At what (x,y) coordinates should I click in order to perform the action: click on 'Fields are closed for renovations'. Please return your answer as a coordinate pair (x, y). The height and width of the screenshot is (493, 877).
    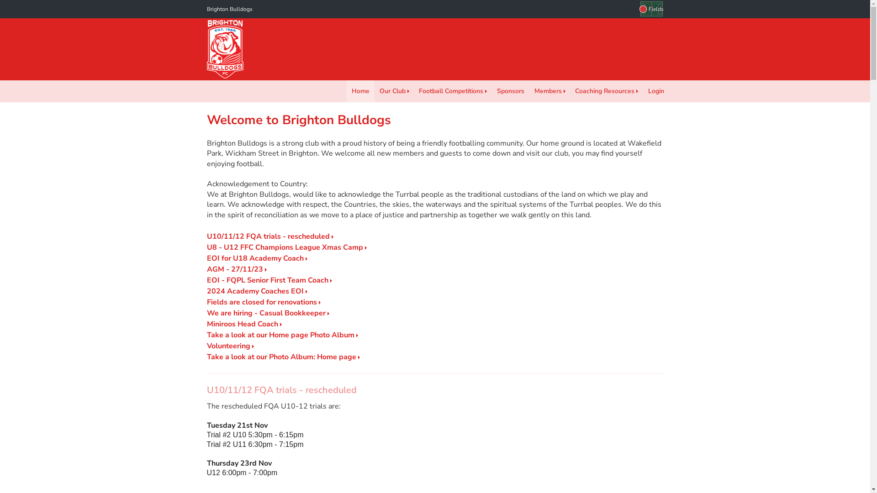
    Looking at the image, I should click on (206, 302).